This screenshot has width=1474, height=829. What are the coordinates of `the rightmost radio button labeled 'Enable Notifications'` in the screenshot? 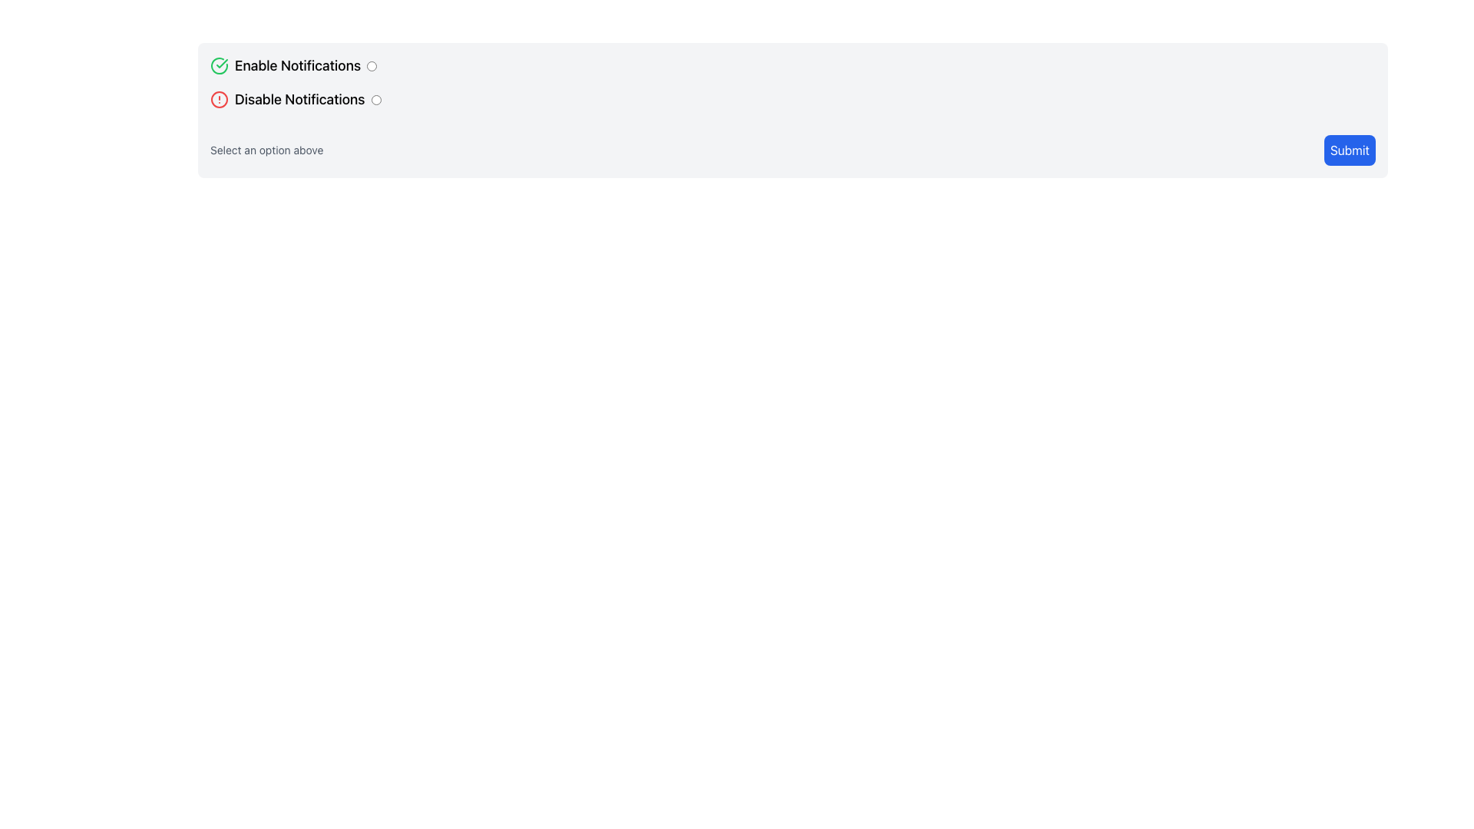 It's located at (372, 64).